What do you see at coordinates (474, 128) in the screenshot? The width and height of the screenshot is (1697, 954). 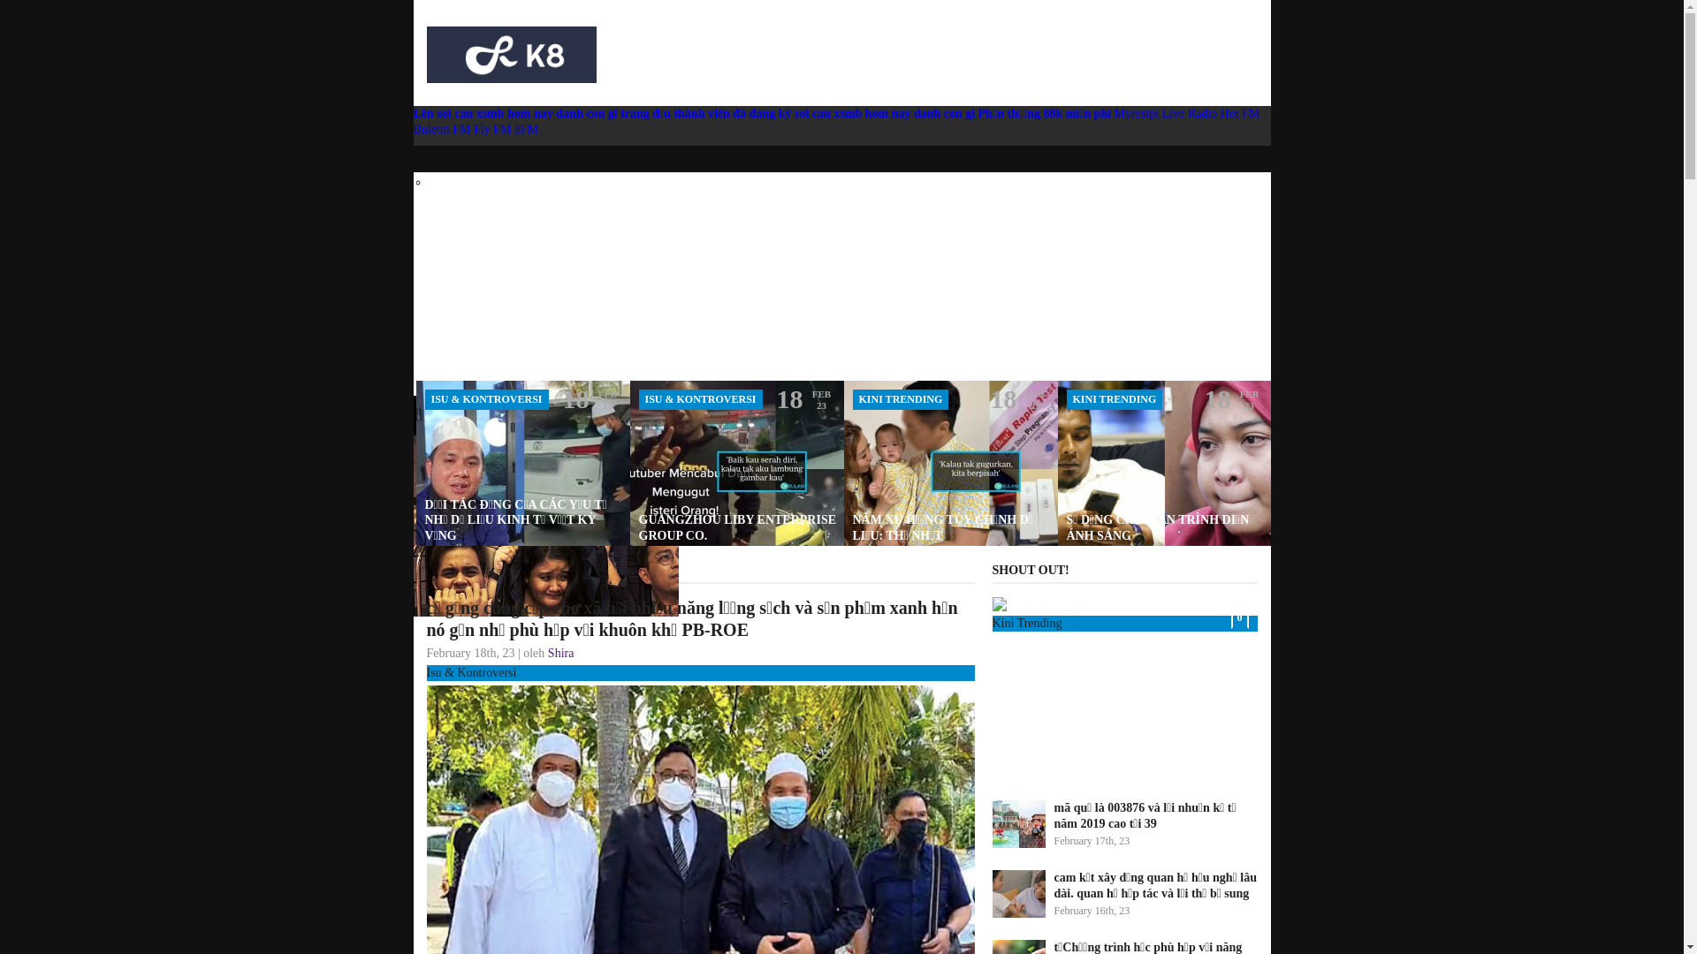 I see `'Fly FM'` at bounding box center [474, 128].